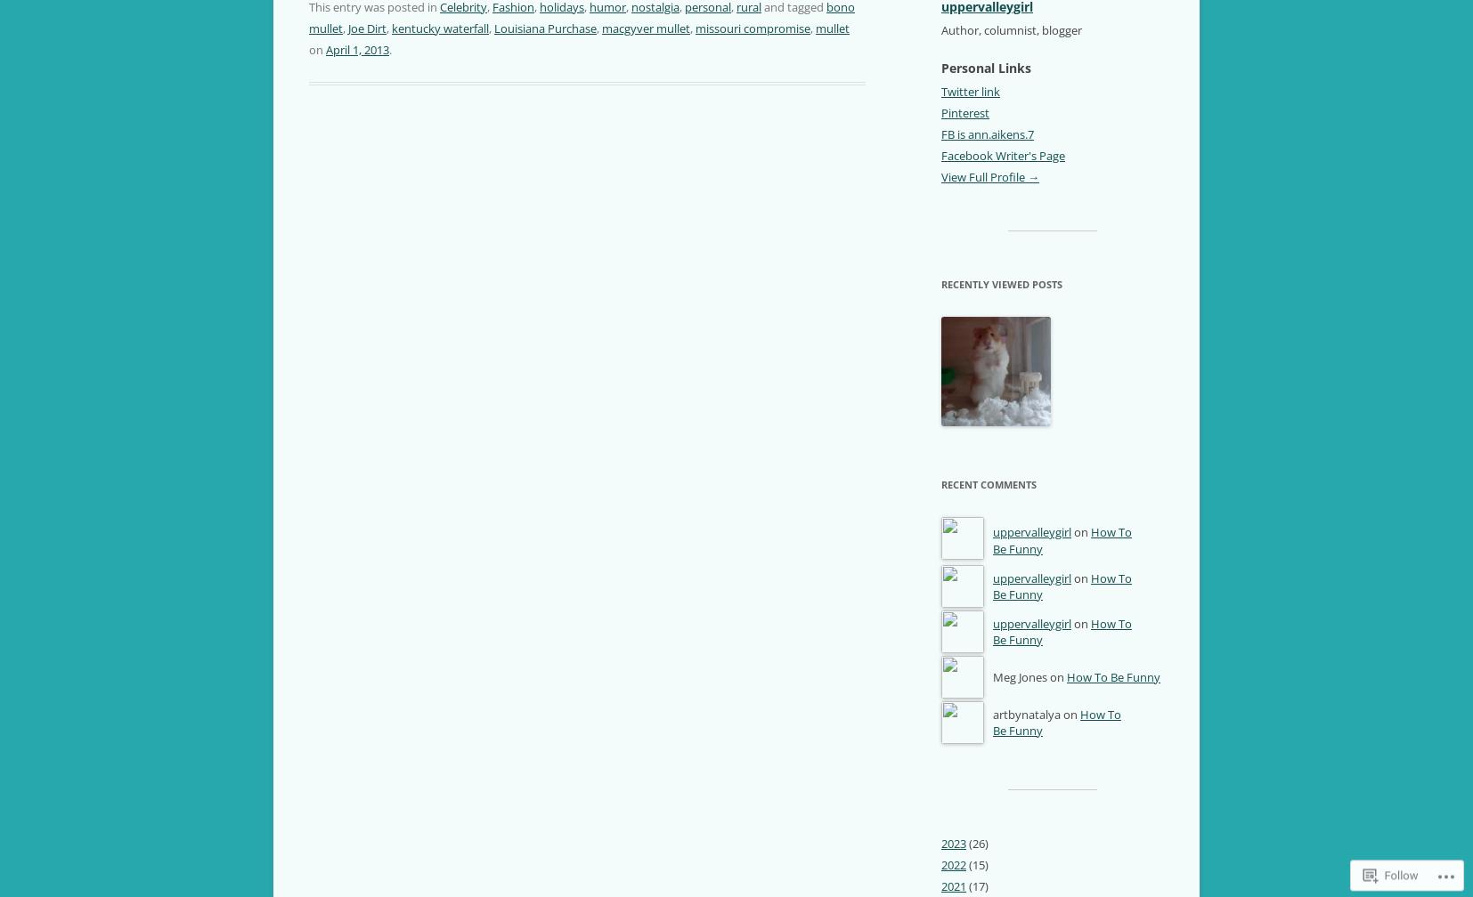  Describe the element at coordinates (1002, 155) in the screenshot. I see `'Facebook Writer's Page'` at that location.